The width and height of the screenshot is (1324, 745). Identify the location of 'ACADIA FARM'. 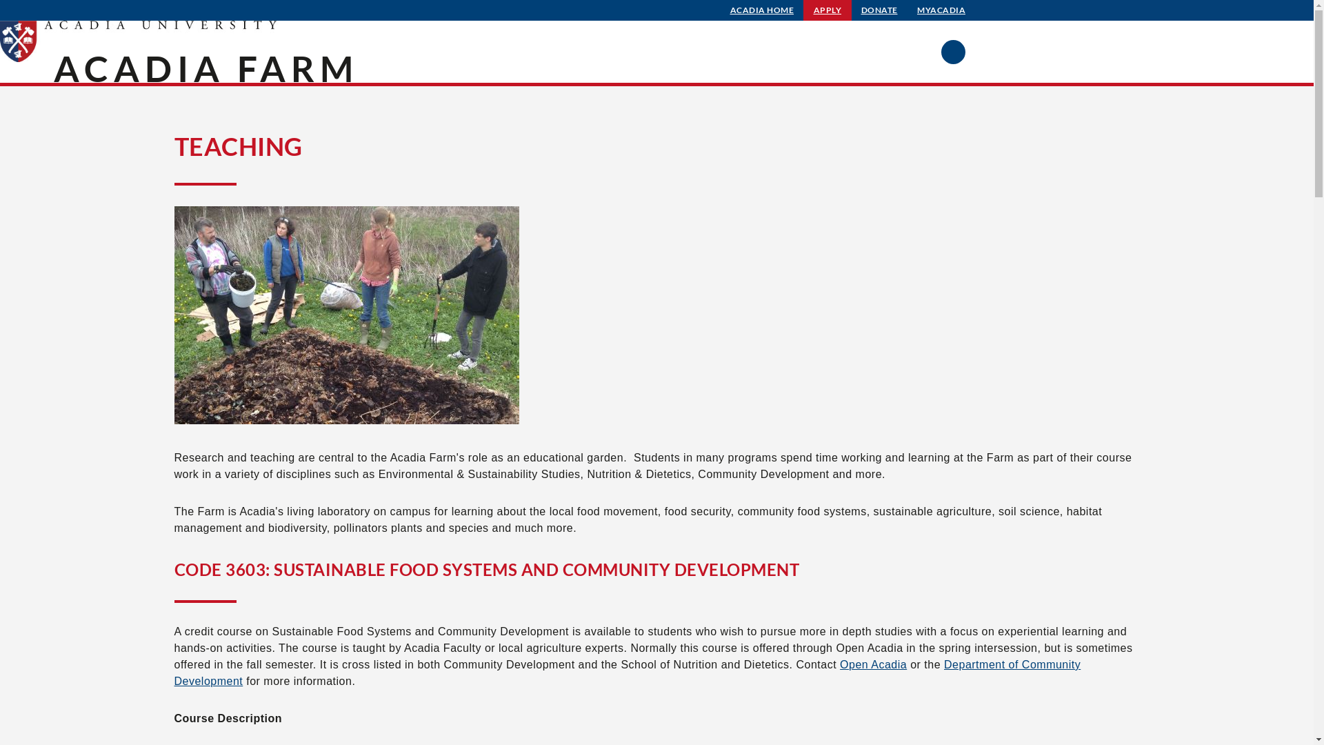
(205, 68).